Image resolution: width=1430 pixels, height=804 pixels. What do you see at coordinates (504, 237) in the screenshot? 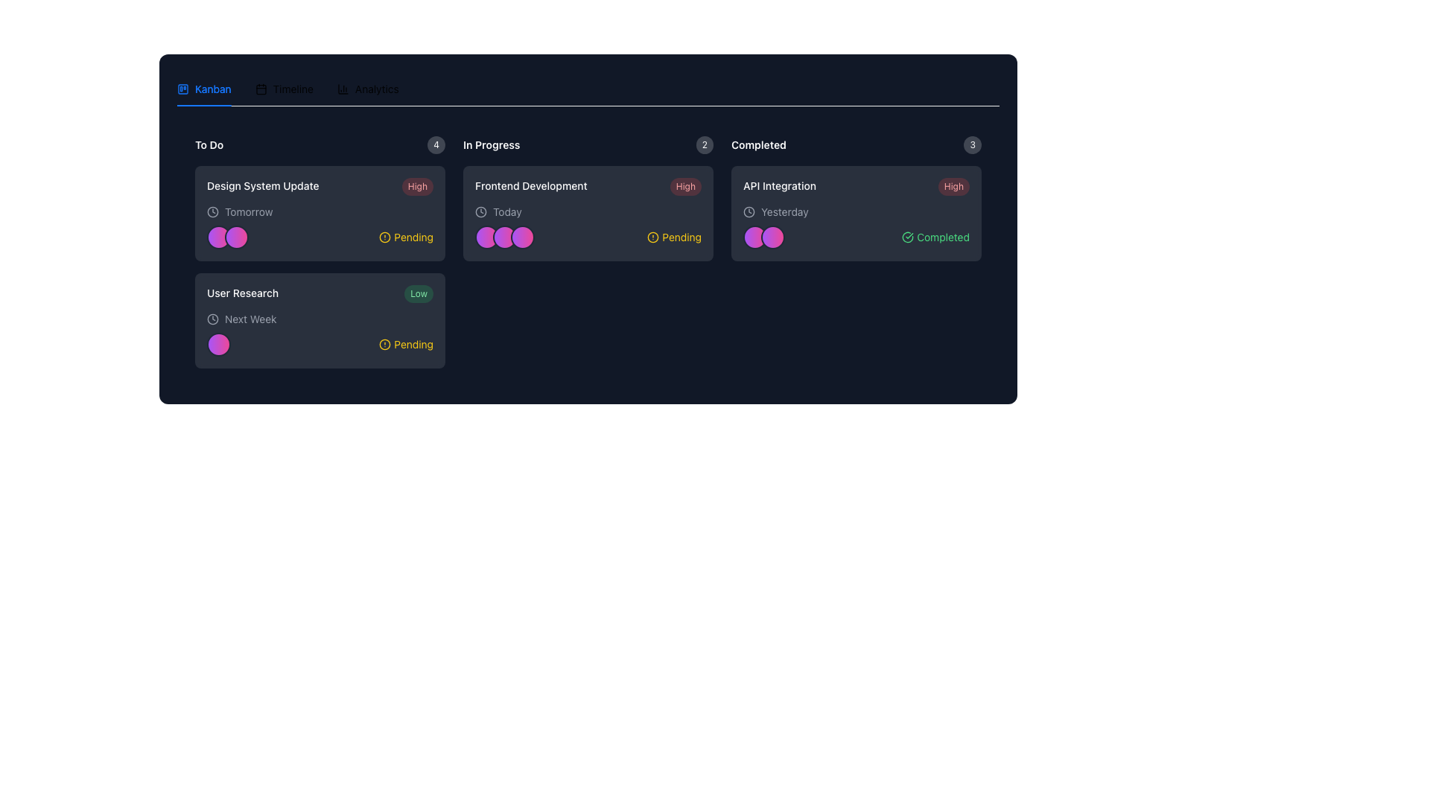
I see `the second circle of the Profile indicator group within the 'Frontend Development' card in the 'In Progress' section` at bounding box center [504, 237].